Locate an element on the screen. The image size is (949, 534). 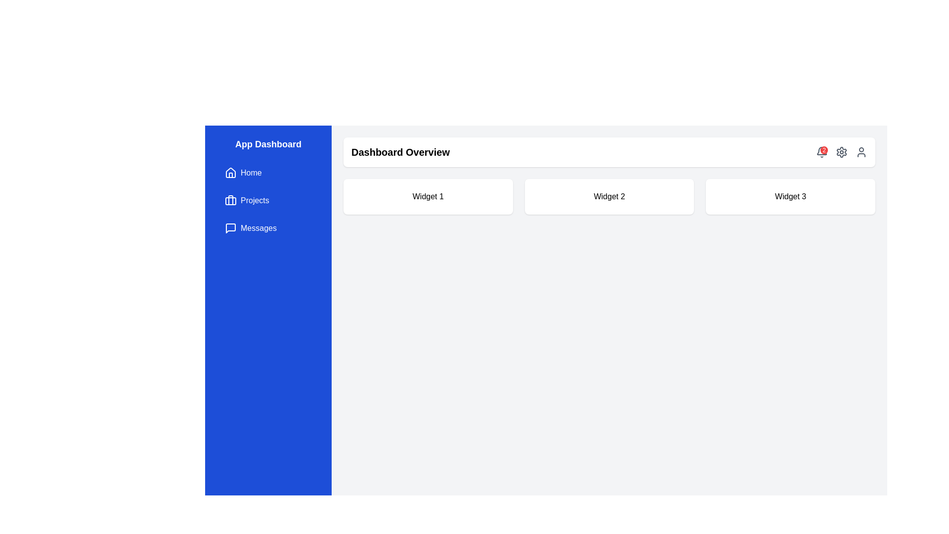
the 'Home' menu item button located in the left-side navigation bar is located at coordinates (243, 173).